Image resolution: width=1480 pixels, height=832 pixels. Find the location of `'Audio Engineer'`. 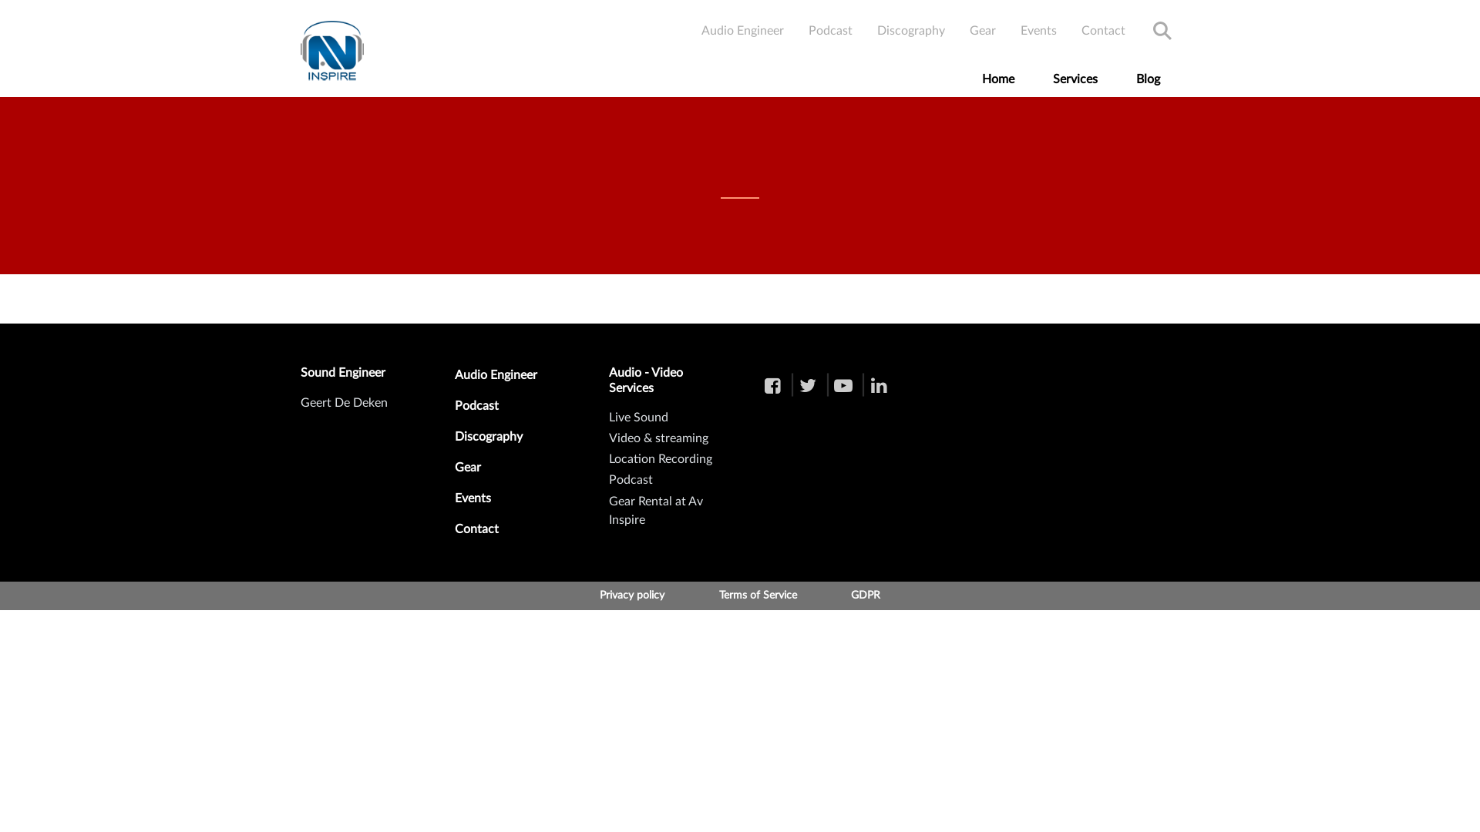

'Audio Engineer' is located at coordinates (509, 381).